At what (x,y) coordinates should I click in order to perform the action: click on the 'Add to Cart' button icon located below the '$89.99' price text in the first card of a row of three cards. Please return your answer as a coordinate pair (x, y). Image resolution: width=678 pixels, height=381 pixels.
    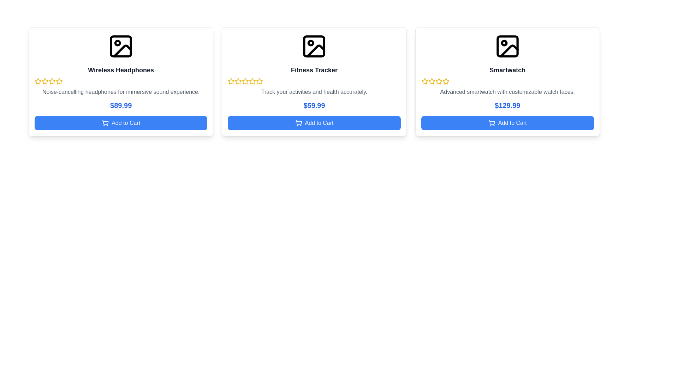
    Looking at the image, I should click on (105, 122).